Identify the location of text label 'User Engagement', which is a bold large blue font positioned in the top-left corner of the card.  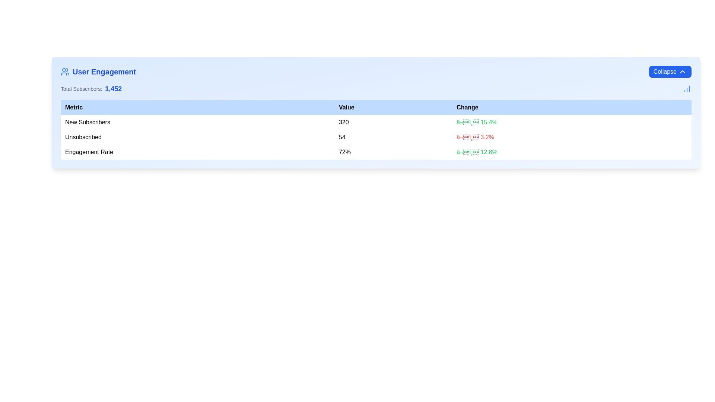
(104, 71).